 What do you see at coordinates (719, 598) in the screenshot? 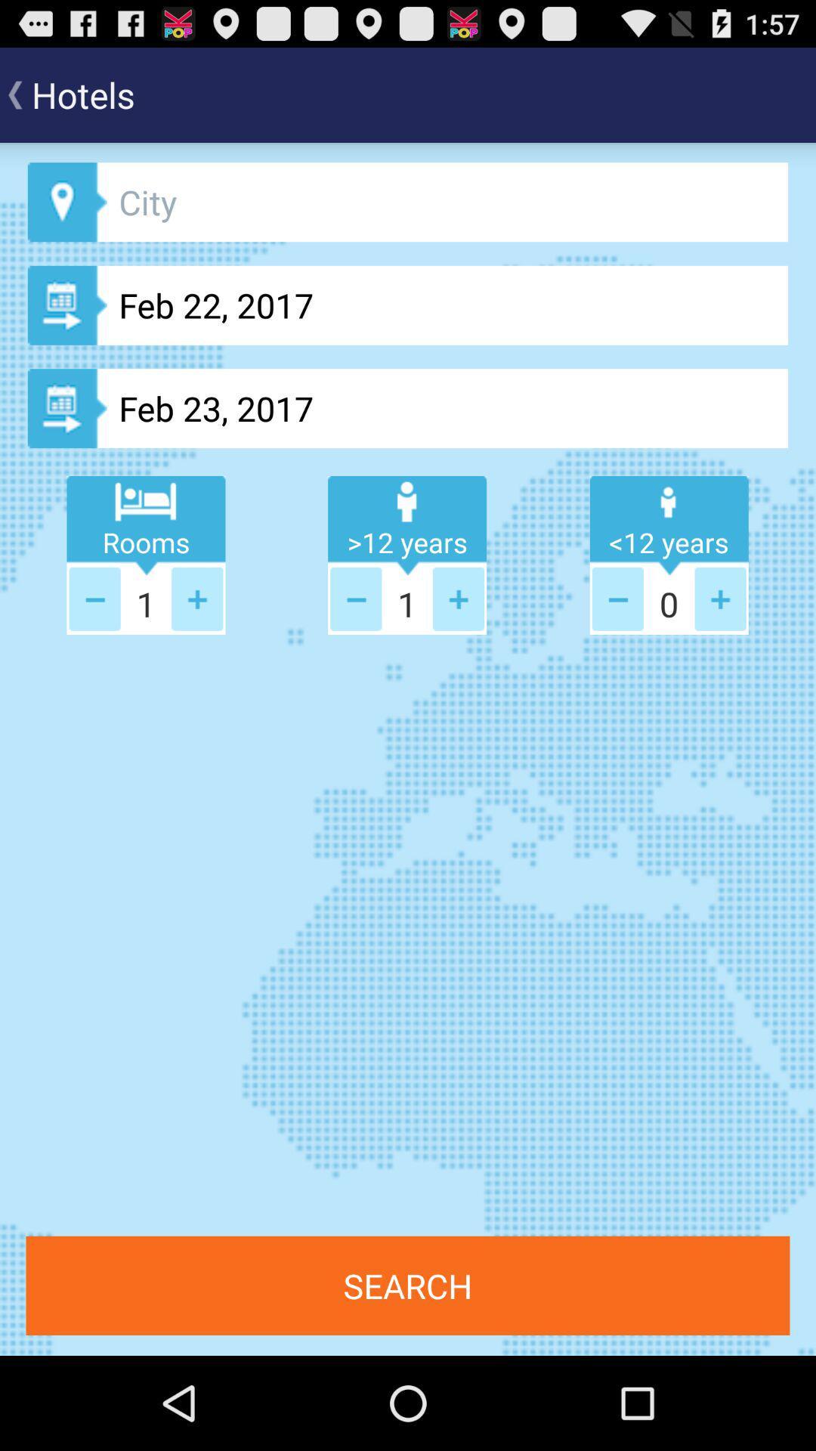
I see `one` at bounding box center [719, 598].